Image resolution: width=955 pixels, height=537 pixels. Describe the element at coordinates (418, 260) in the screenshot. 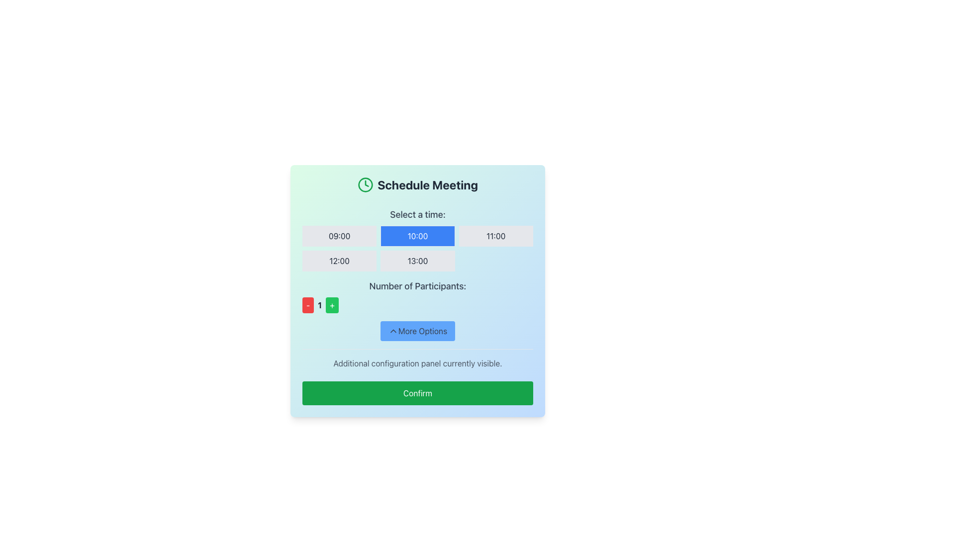

I see `the button displaying '13:00', which is located` at that location.